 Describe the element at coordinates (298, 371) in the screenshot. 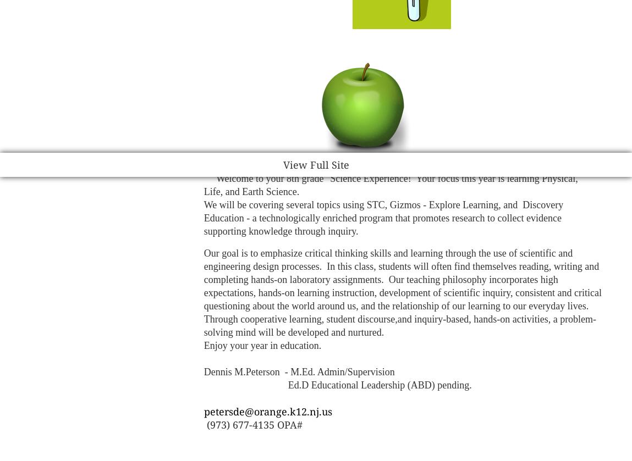

I see `'Dennis M.Peterson  - M.Ed. Admin/Supervision'` at that location.